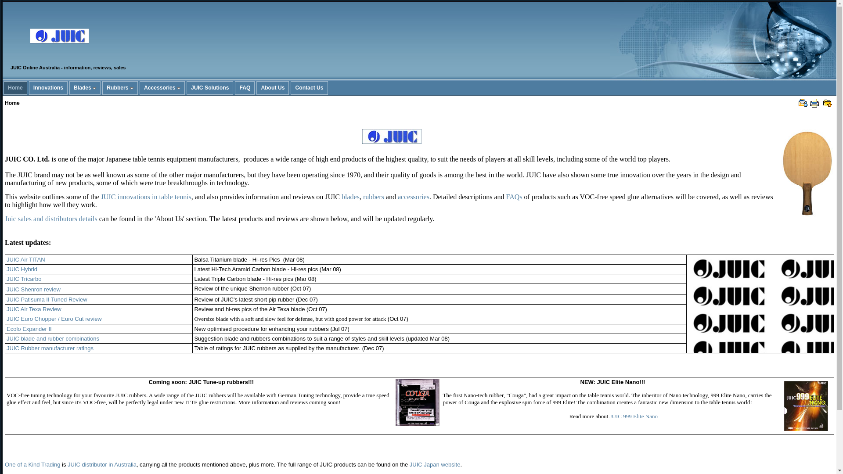  I want to click on 'JUIC Solutions', so click(209, 88).